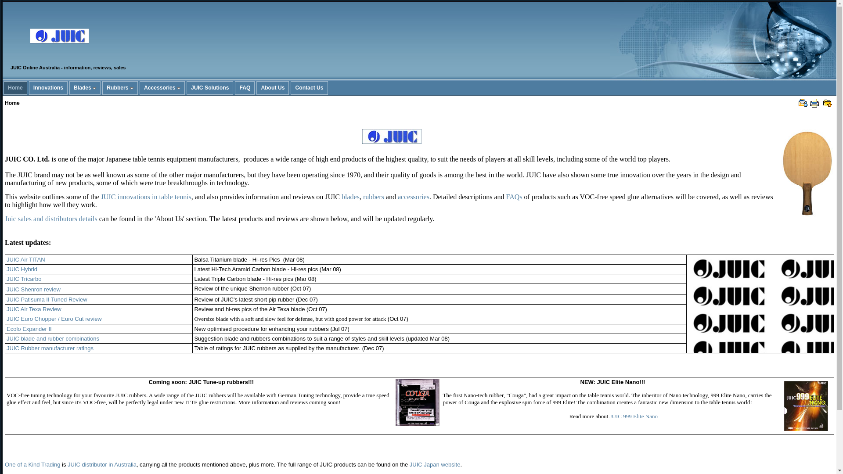  I want to click on 'JUIC Solutions', so click(209, 88).